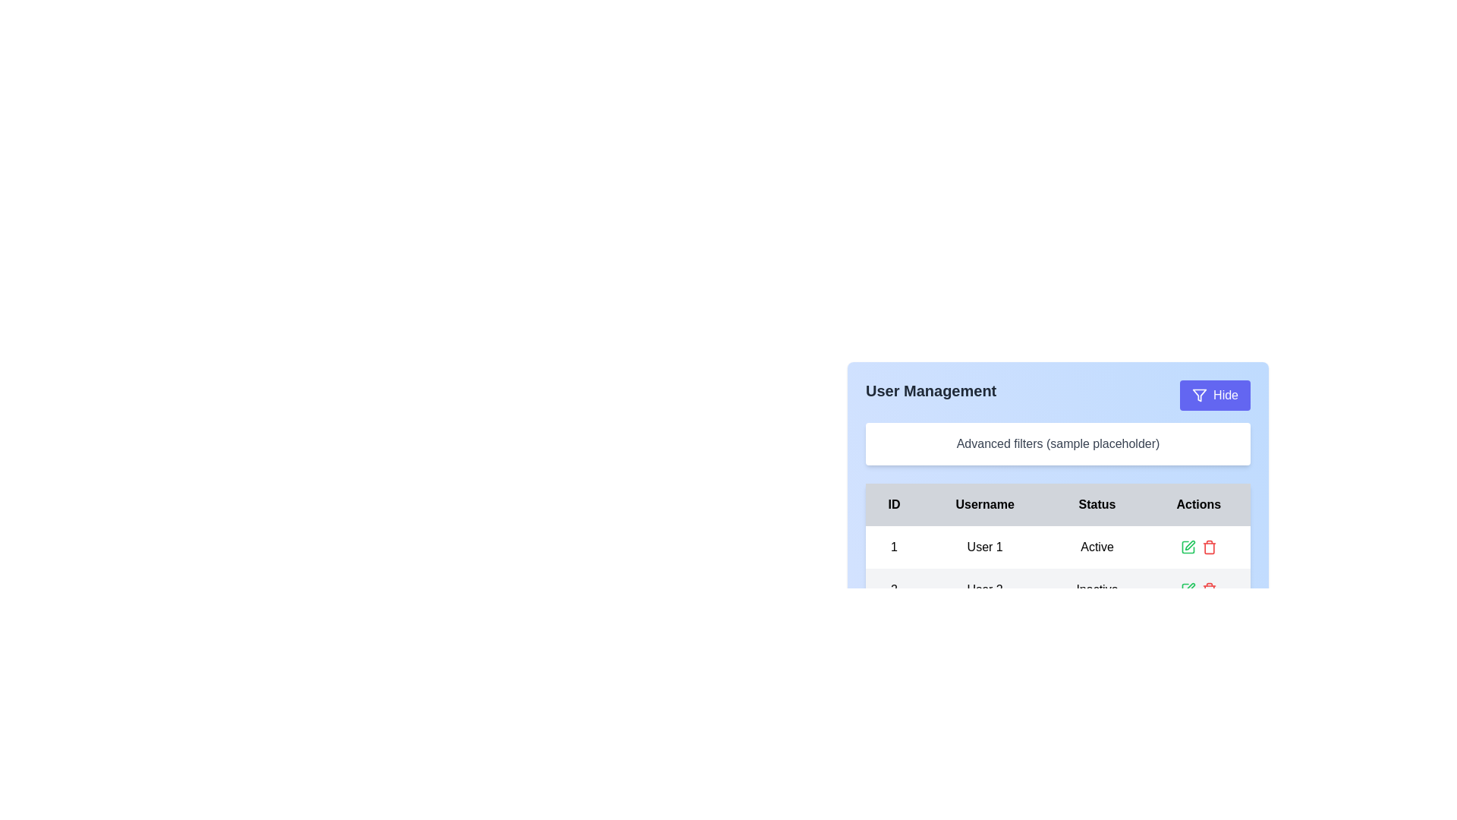  What do you see at coordinates (985, 504) in the screenshot?
I see `the Text label identifying the 'Username' column in the table header, located between 'ID' and 'Status'` at bounding box center [985, 504].